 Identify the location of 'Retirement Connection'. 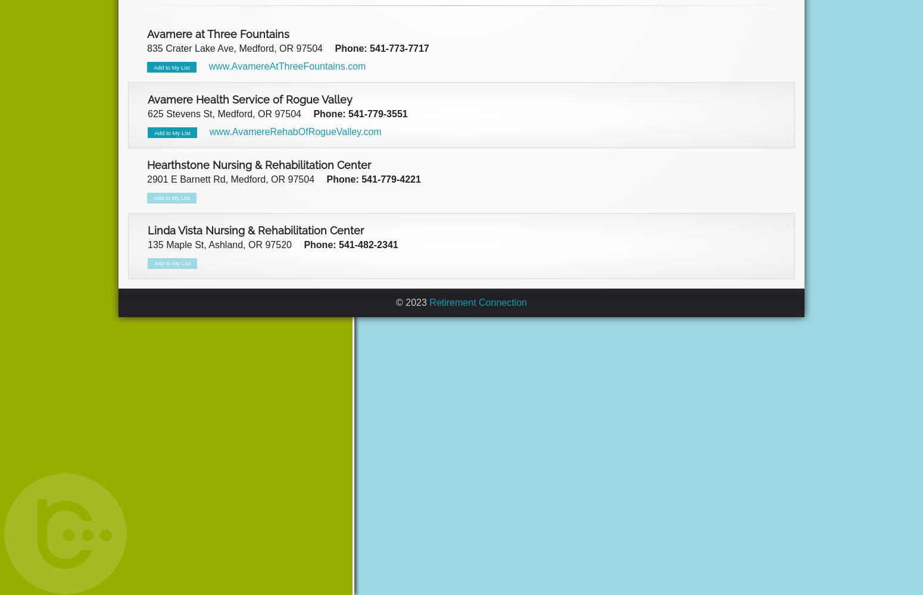
(477, 302).